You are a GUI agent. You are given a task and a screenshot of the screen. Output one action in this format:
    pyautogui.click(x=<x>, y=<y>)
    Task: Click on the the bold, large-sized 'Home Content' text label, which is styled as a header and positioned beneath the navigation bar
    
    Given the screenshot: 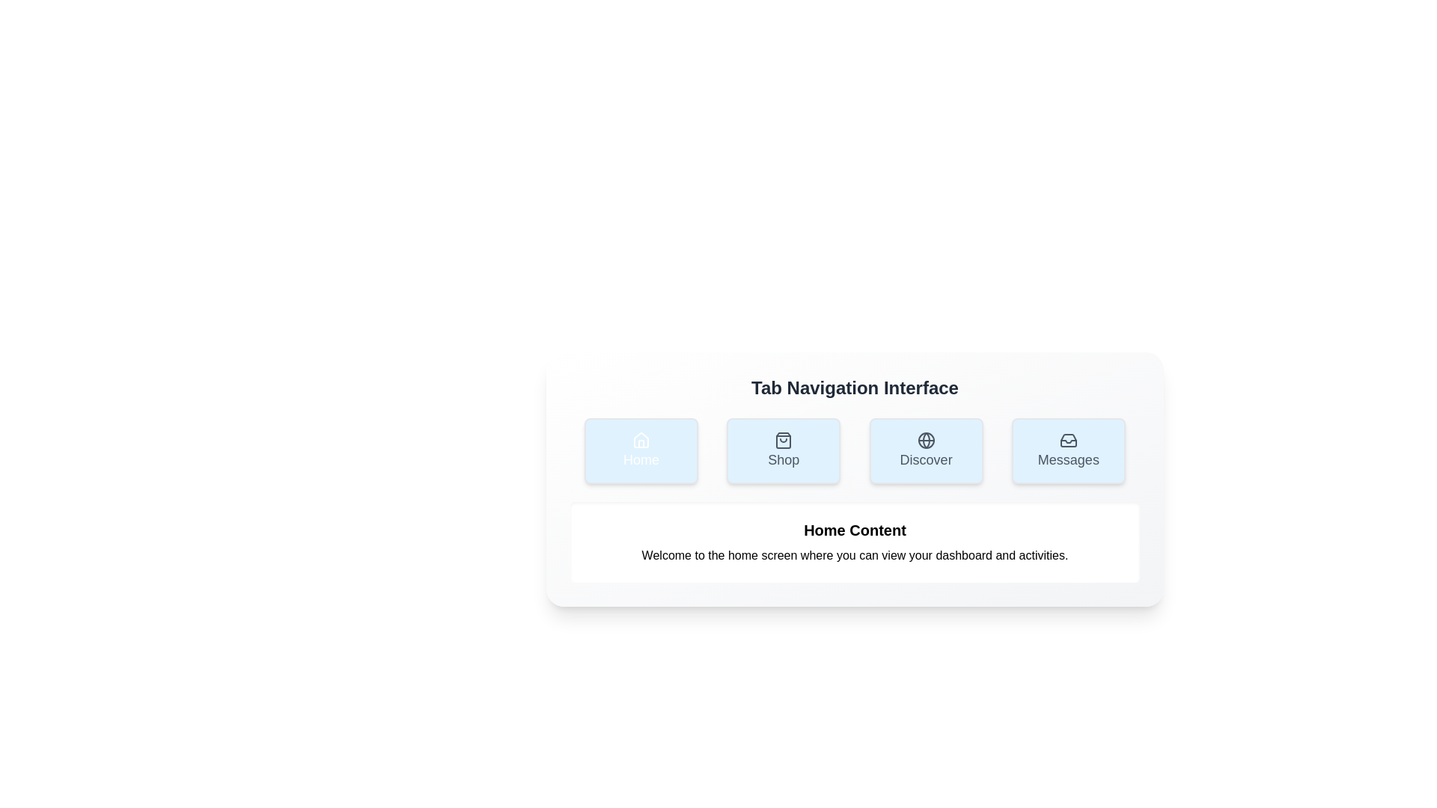 What is the action you would take?
    pyautogui.click(x=855, y=530)
    